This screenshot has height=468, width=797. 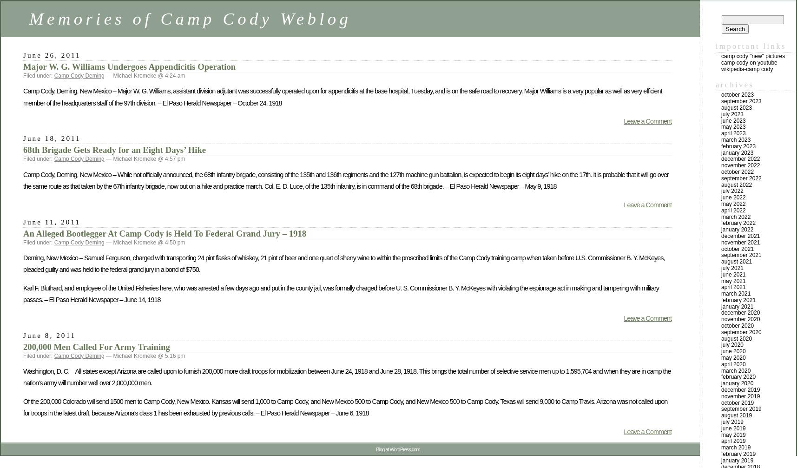 I want to click on 'May 2023', so click(x=732, y=126).